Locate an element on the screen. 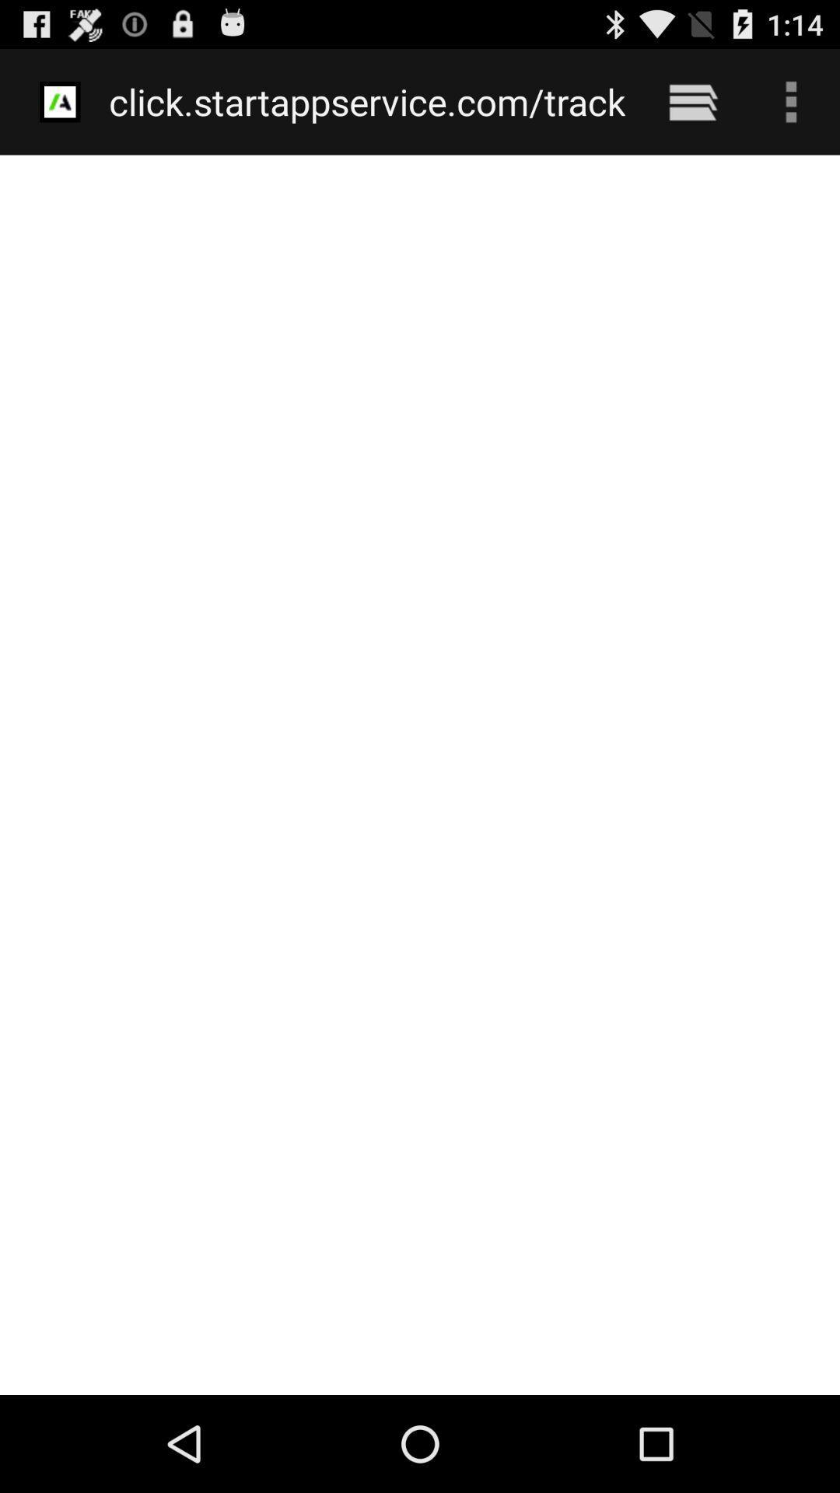  the click startappservice com icon is located at coordinates (367, 101).